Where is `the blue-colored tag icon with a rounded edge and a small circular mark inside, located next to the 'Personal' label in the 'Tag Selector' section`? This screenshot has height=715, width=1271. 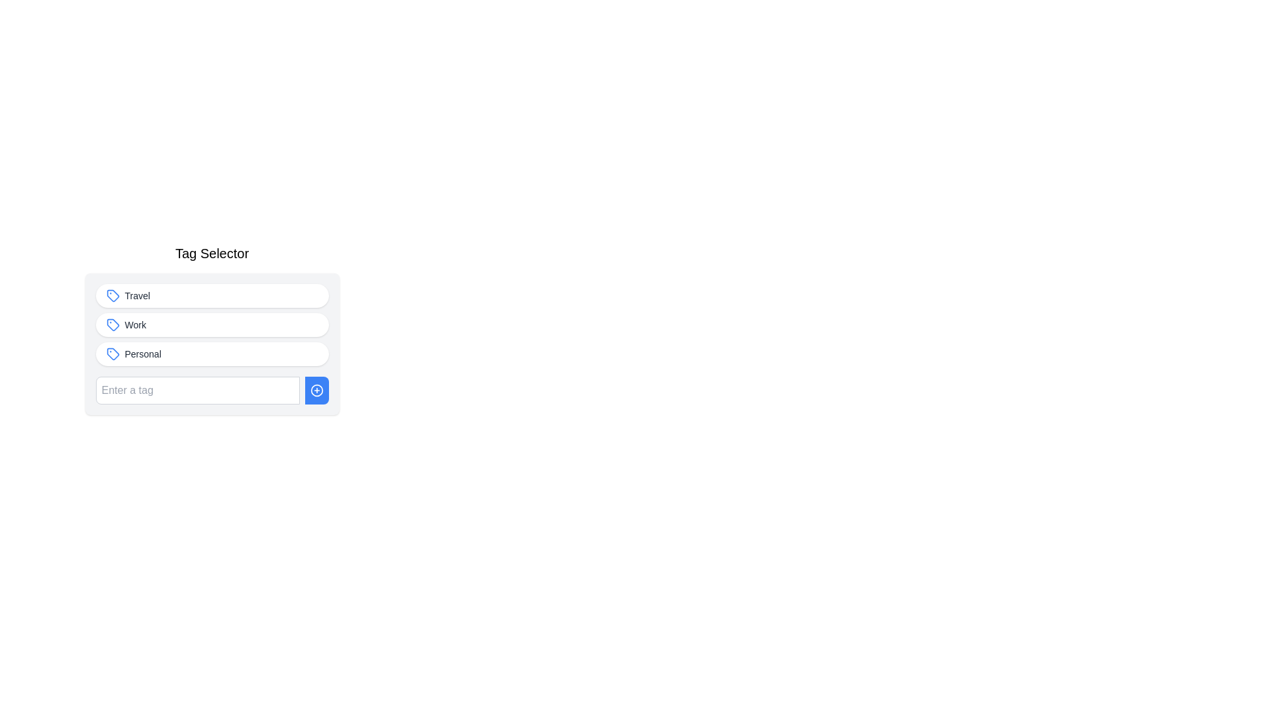
the blue-colored tag icon with a rounded edge and a small circular mark inside, located next to the 'Personal' label in the 'Tag Selector' section is located at coordinates (113, 354).